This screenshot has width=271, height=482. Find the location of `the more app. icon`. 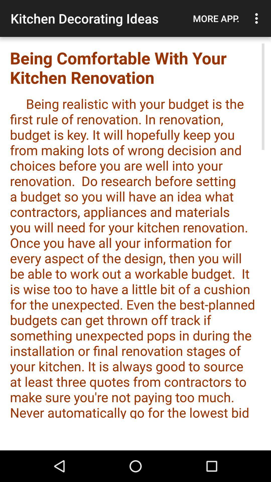

the more app. icon is located at coordinates (216, 18).